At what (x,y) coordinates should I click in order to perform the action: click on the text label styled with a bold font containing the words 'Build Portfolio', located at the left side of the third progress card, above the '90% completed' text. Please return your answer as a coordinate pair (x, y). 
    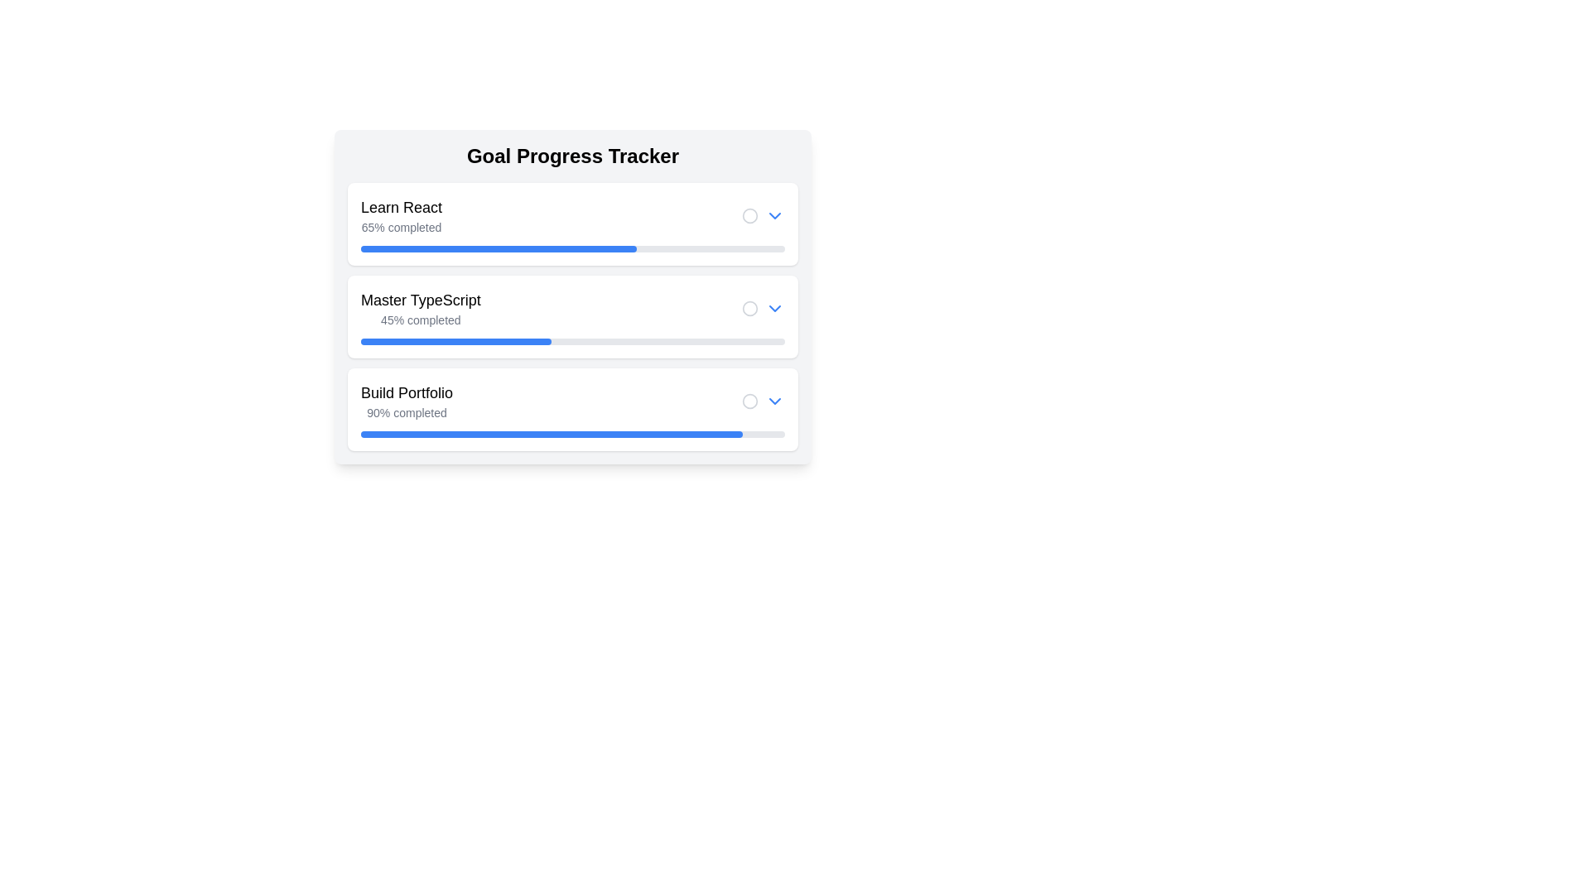
    Looking at the image, I should click on (407, 392).